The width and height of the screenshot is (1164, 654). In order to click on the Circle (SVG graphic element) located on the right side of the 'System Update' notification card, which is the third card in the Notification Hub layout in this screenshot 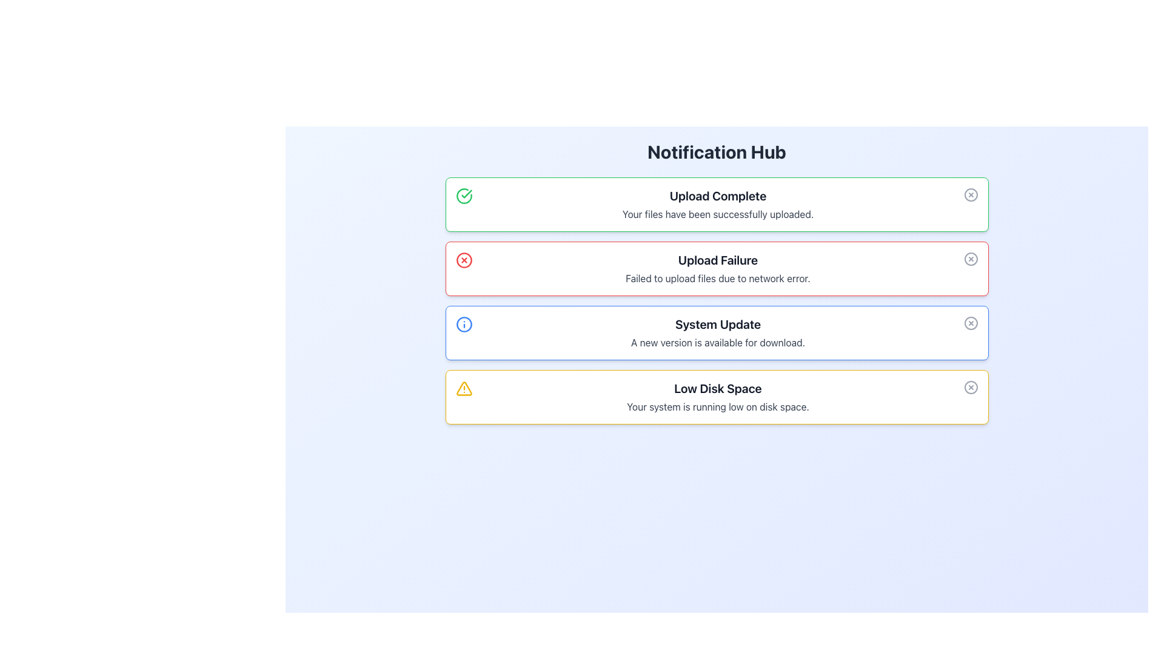, I will do `click(971, 322)`.